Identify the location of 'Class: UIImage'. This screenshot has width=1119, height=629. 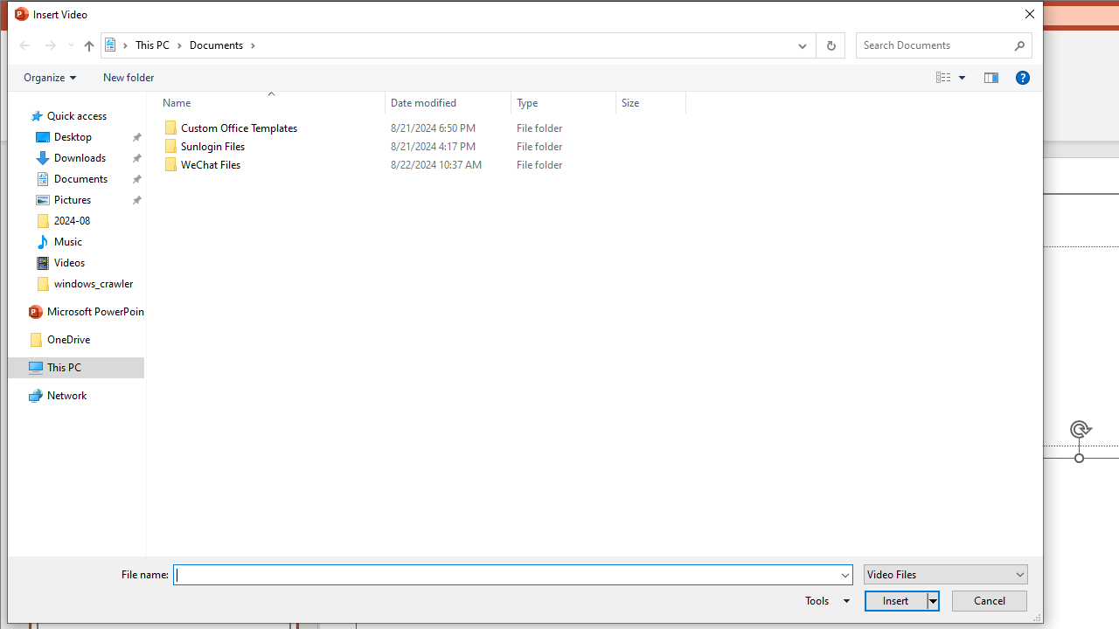
(170, 165).